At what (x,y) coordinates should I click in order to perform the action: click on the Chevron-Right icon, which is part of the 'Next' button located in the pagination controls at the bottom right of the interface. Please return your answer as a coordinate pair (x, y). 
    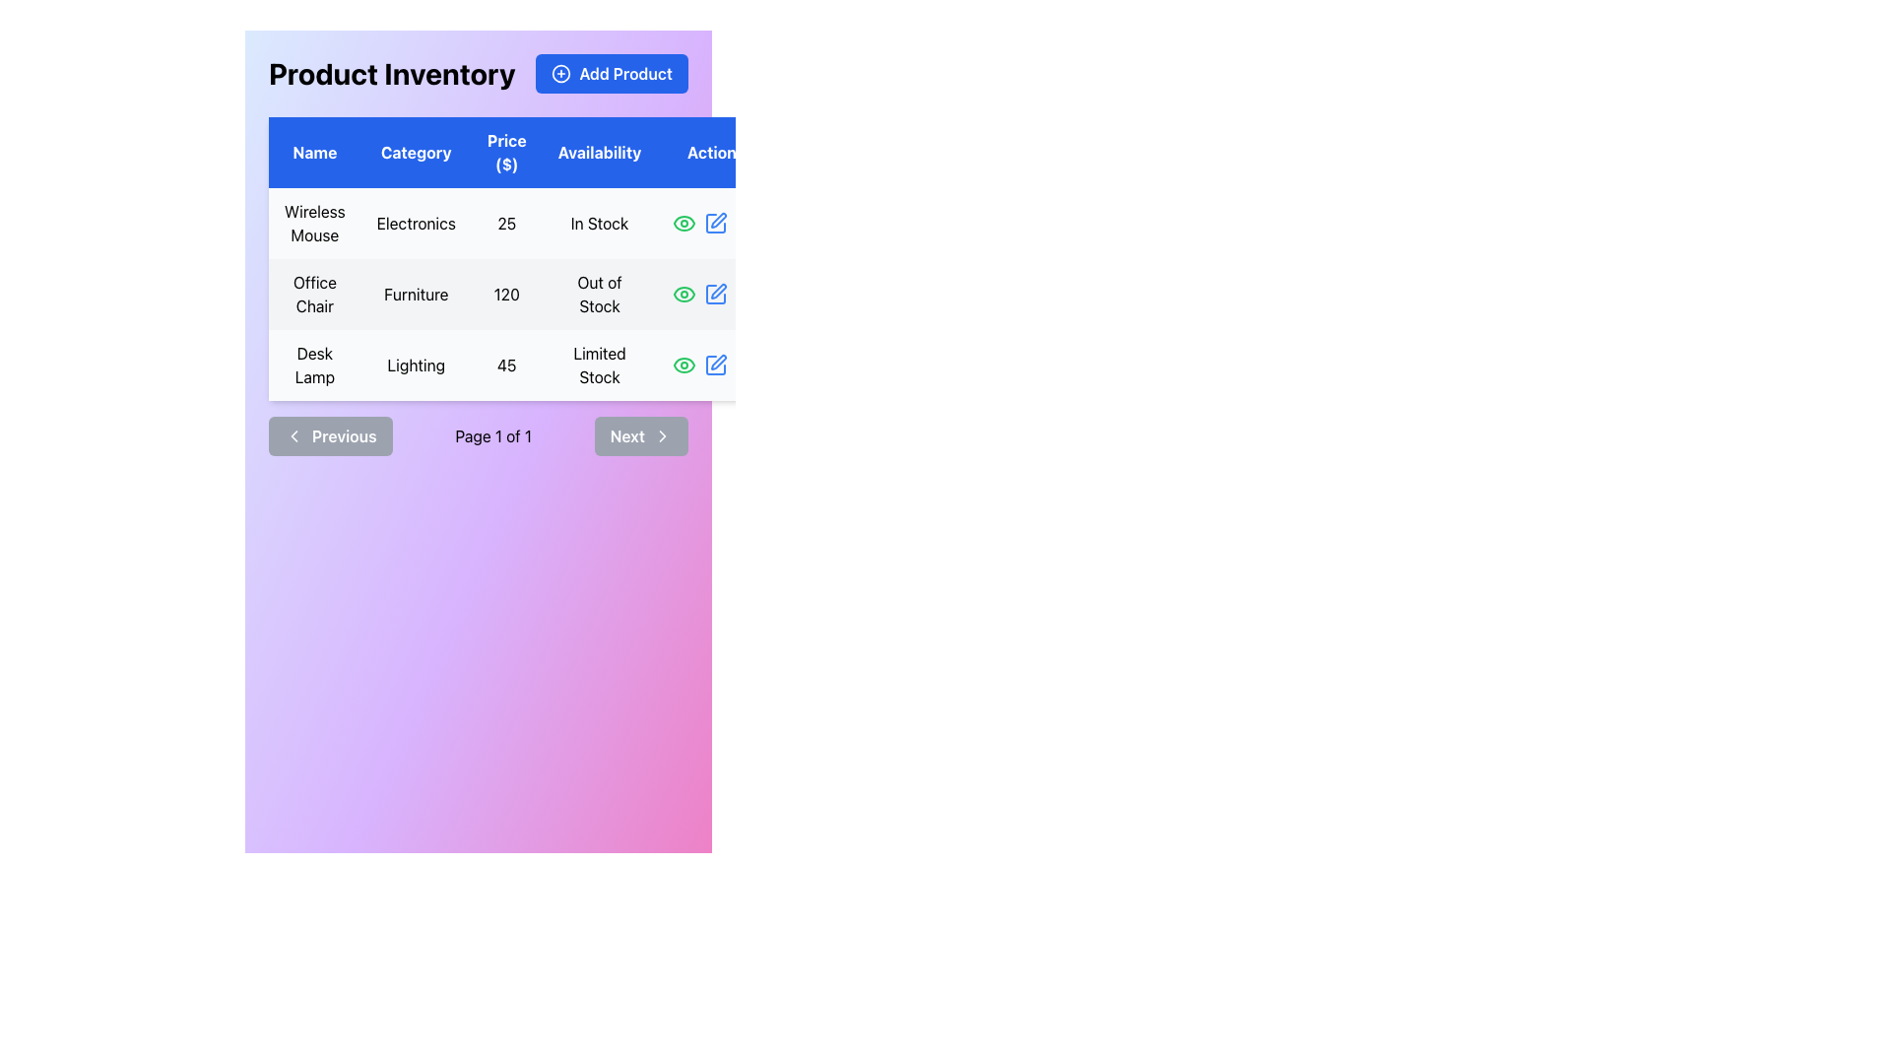
    Looking at the image, I should click on (662, 435).